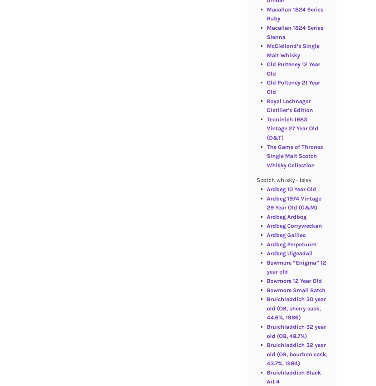  I want to click on 'Macallan 1824 Series Ruby', so click(294, 13).